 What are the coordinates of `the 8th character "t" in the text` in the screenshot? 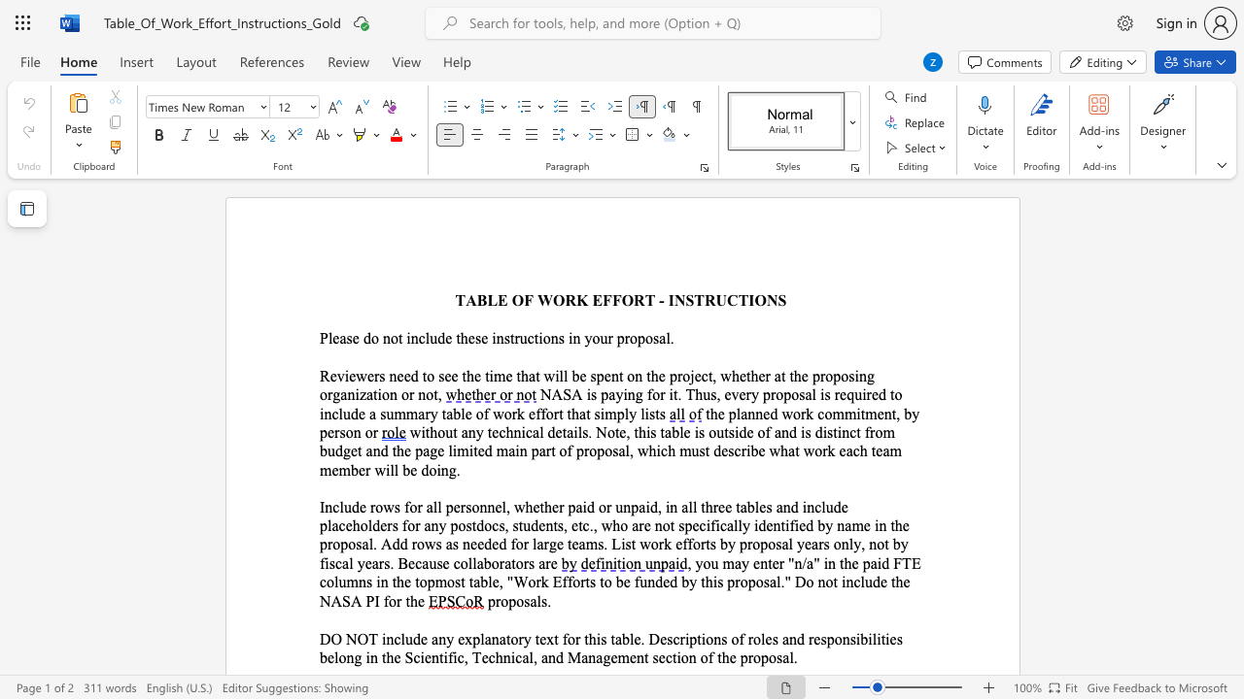 It's located at (384, 656).